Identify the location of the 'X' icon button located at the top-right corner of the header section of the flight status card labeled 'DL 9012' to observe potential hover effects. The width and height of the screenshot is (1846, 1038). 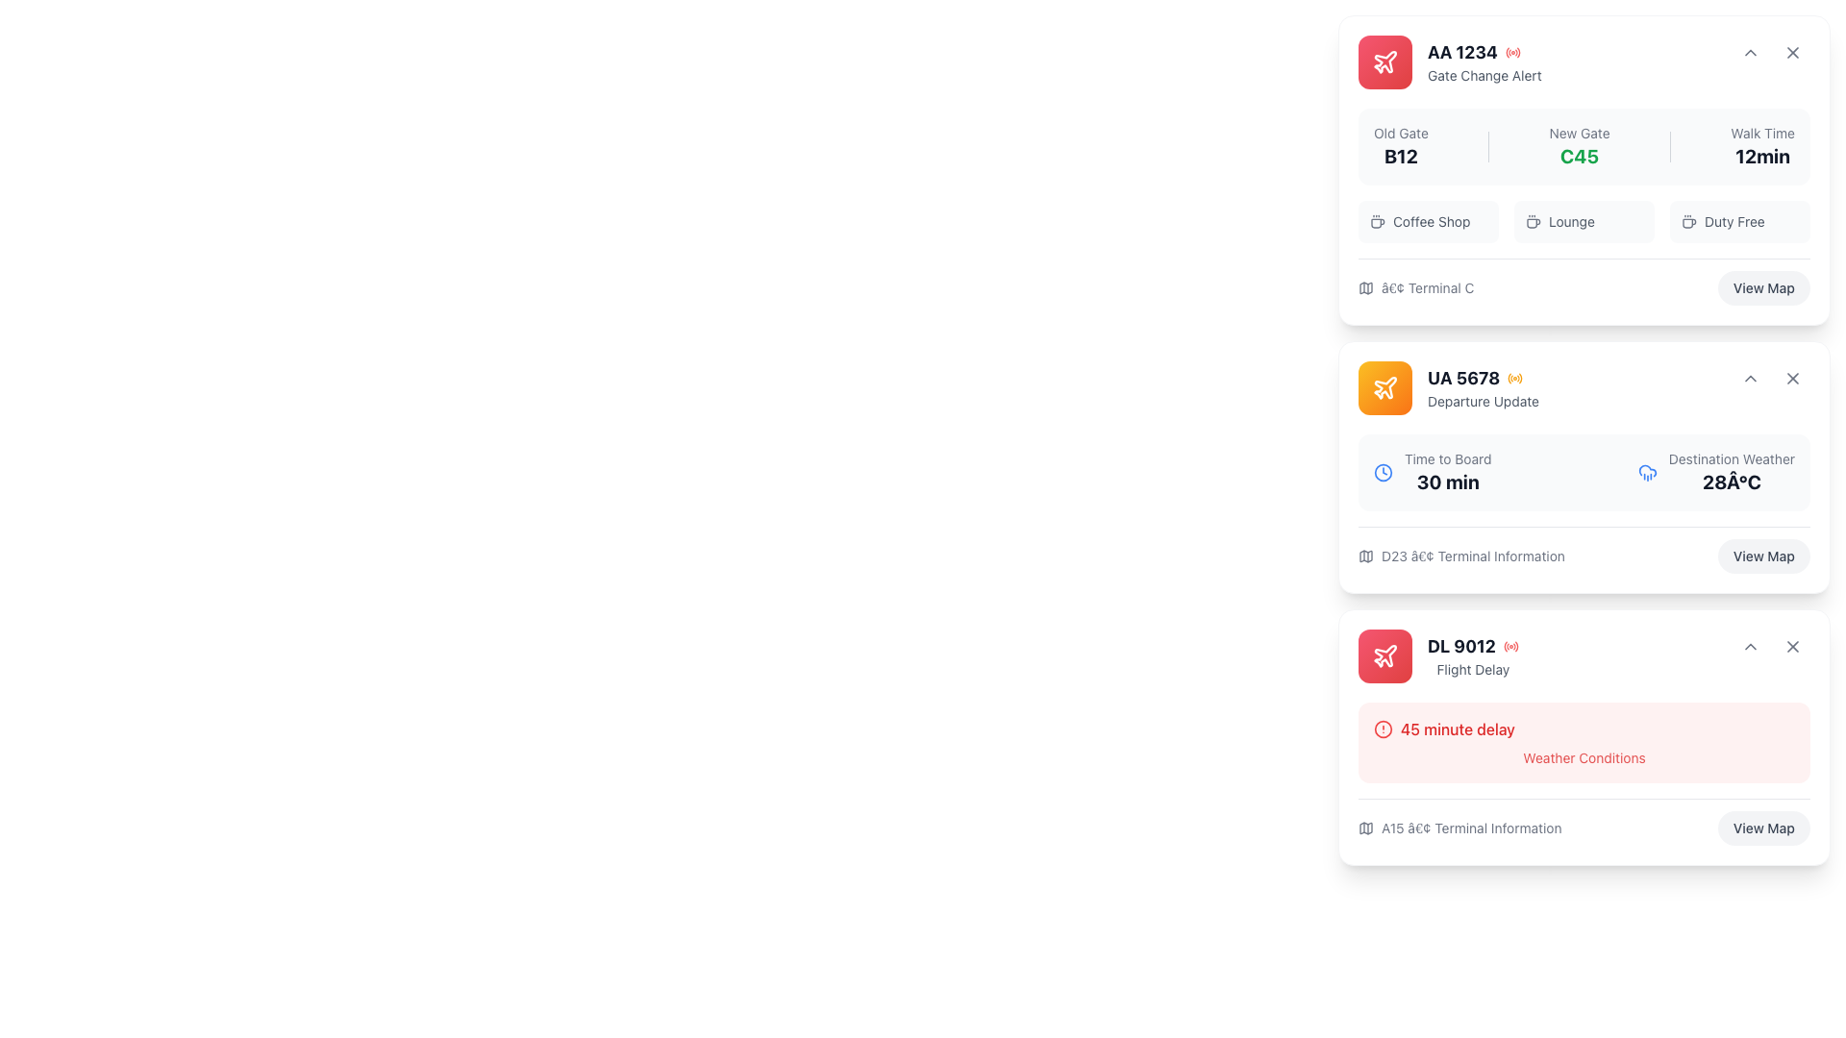
(1792, 646).